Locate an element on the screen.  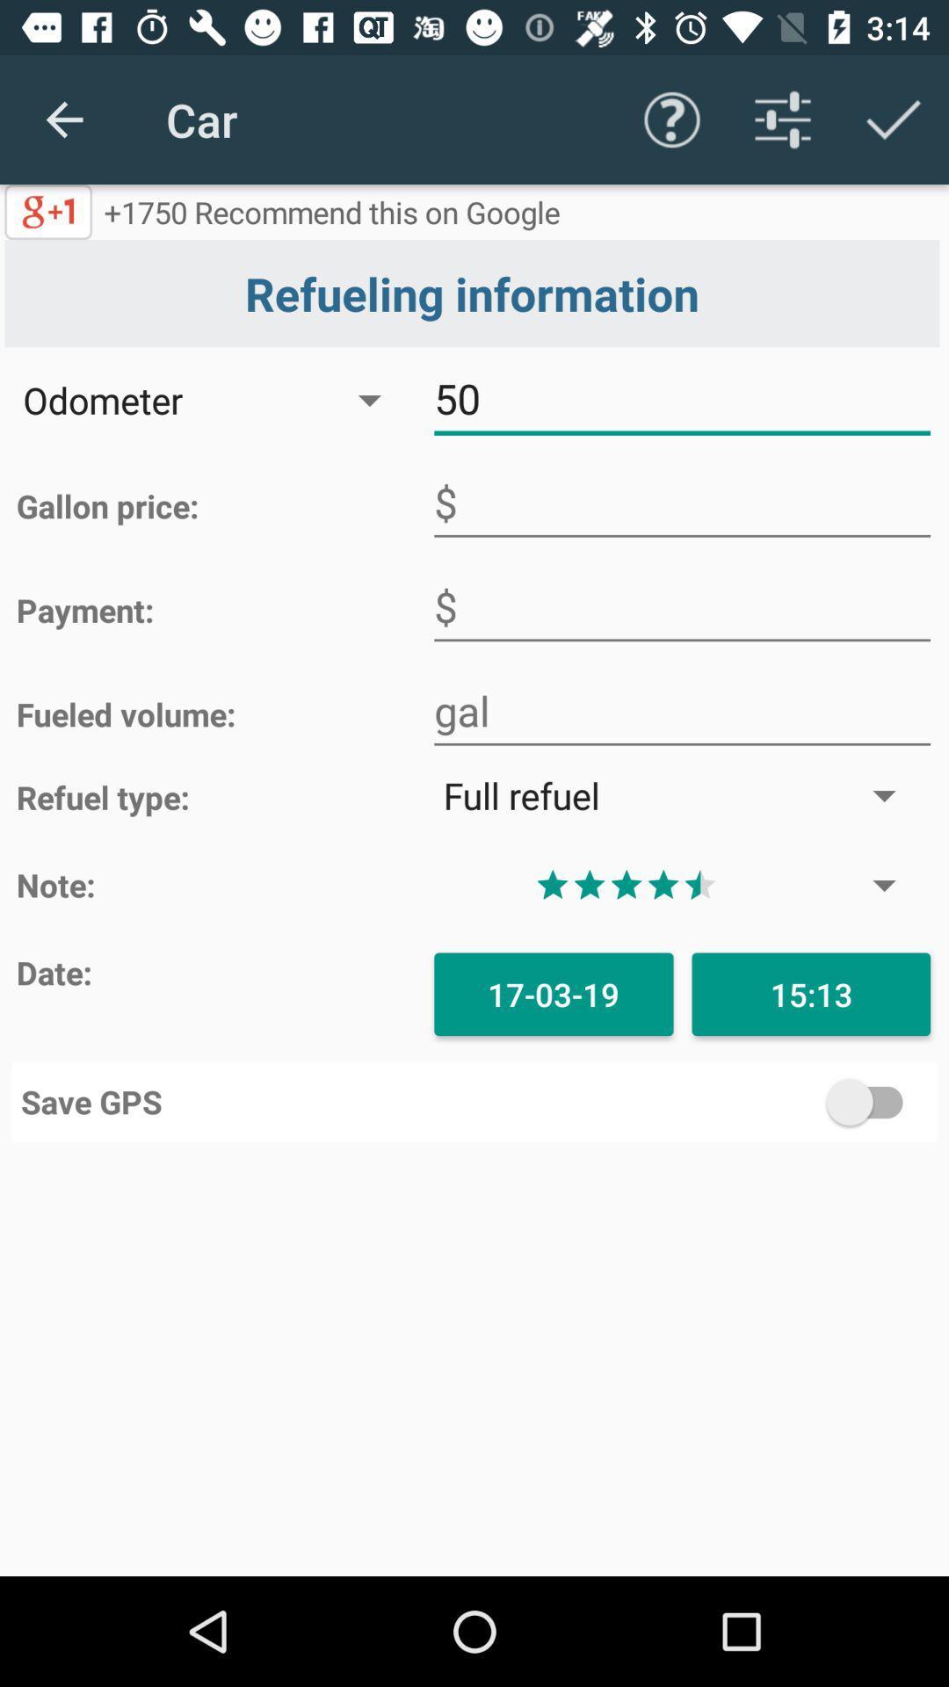
the app to the right of 1750 recommend this is located at coordinates (671, 119).